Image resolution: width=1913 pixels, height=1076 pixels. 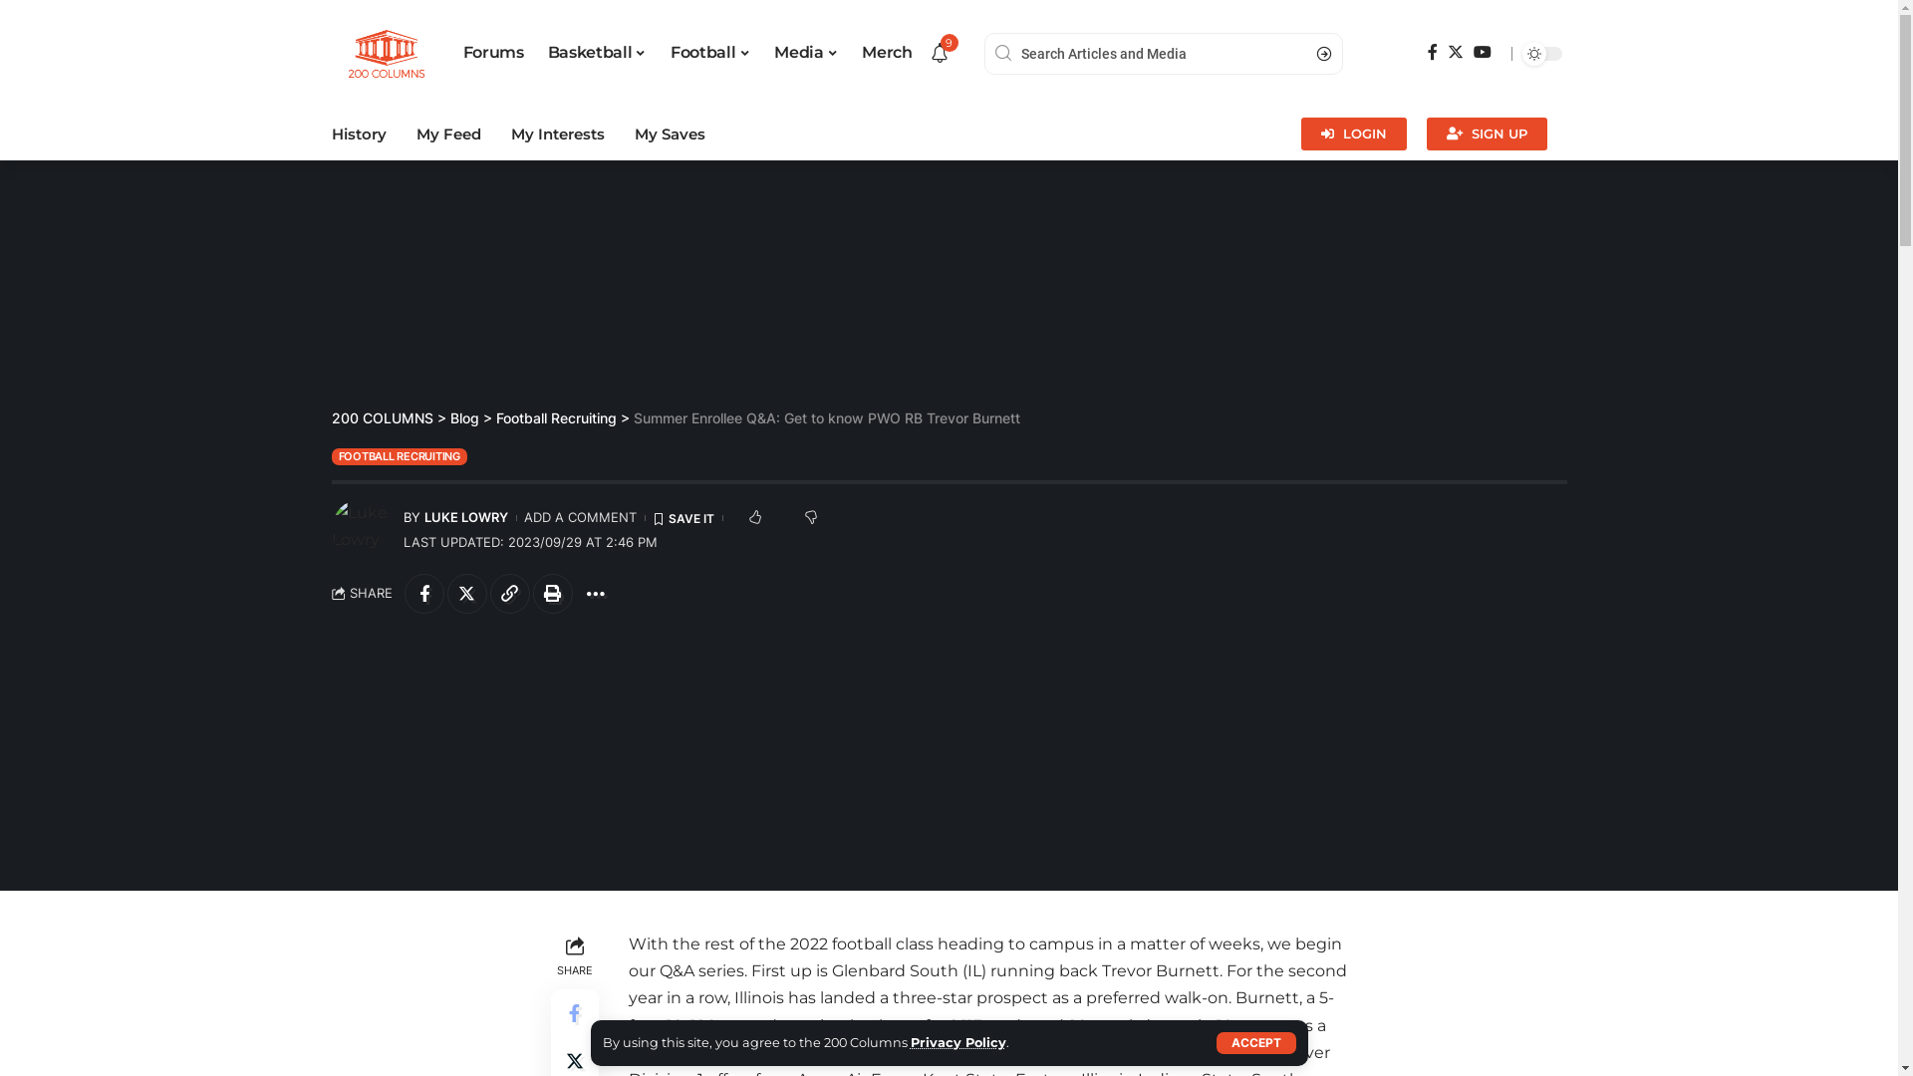 What do you see at coordinates (1487, 134) in the screenshot?
I see `'SIGN UP'` at bounding box center [1487, 134].